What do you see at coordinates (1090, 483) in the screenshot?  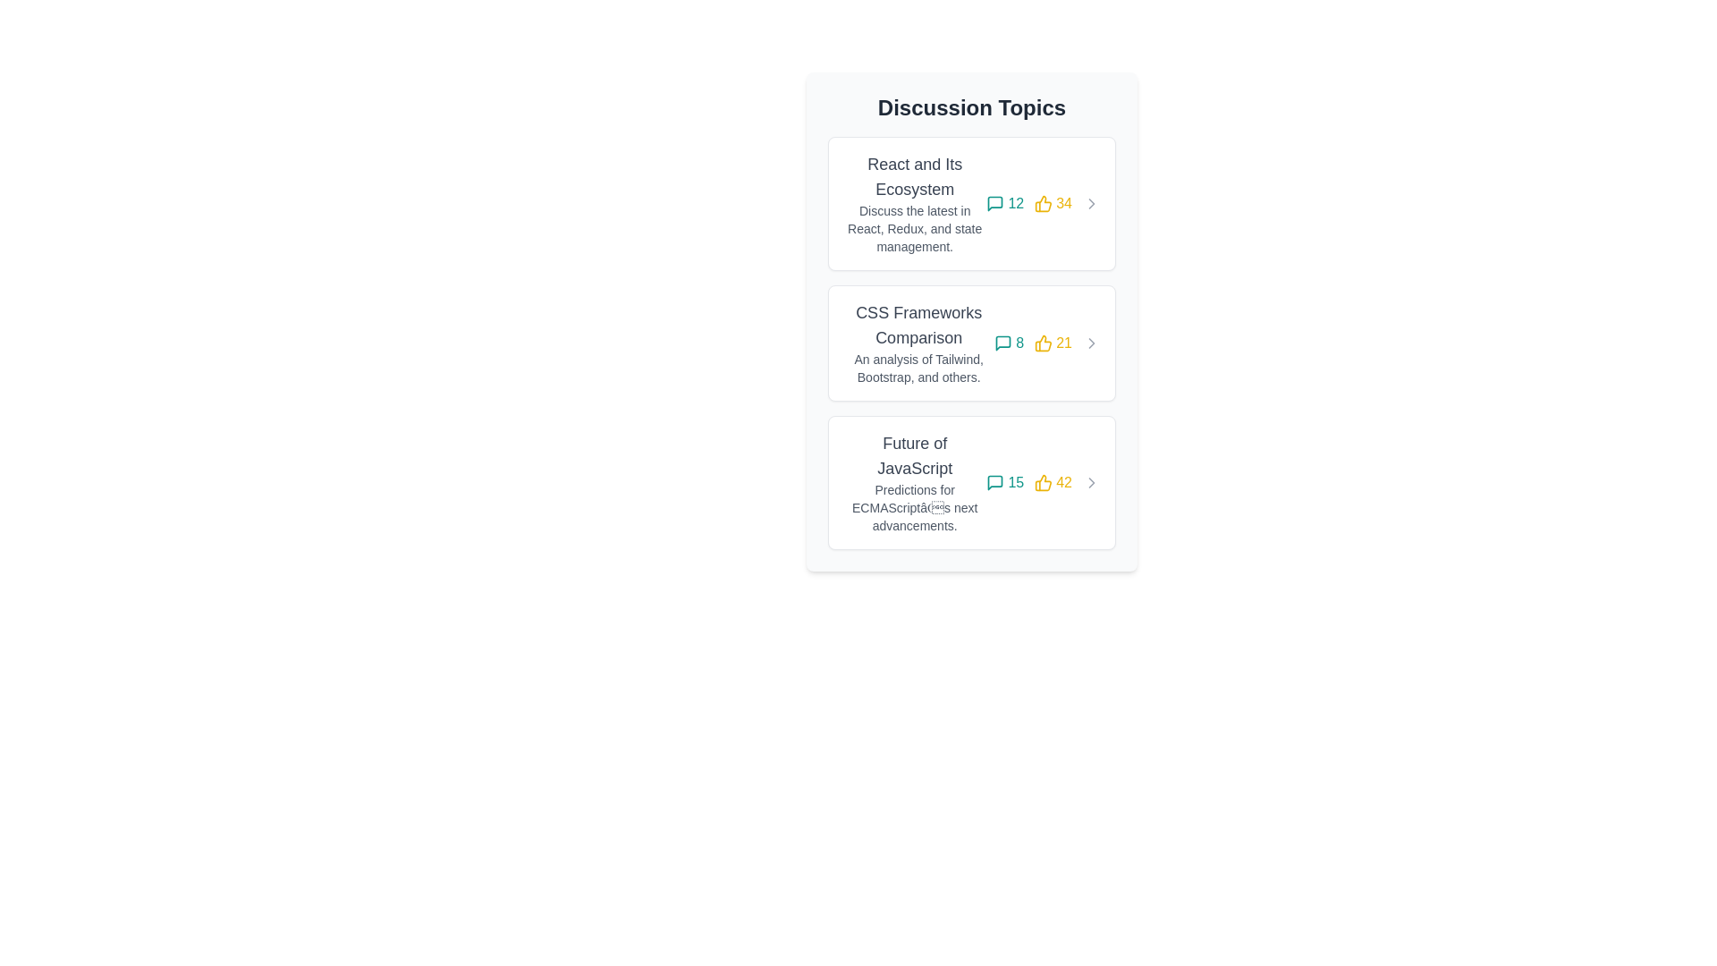 I see `the right arrow SVG icon in the bottom-right corner of the 'Future of JavaScript' discussion topic section` at bounding box center [1090, 483].